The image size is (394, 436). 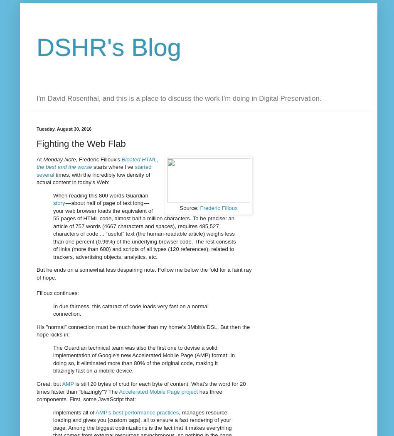 I want to click on 'starts where I've', so click(x=113, y=166).